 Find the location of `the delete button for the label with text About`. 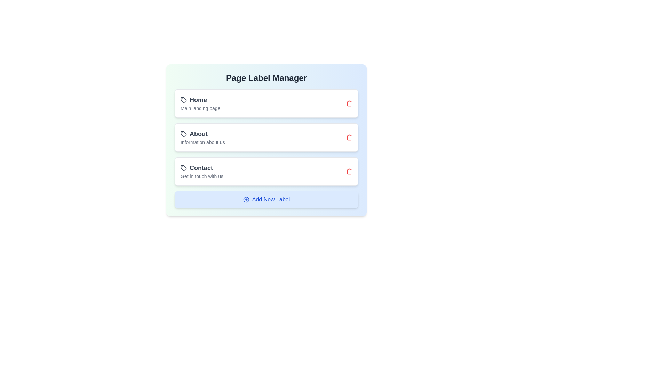

the delete button for the label with text About is located at coordinates (349, 137).